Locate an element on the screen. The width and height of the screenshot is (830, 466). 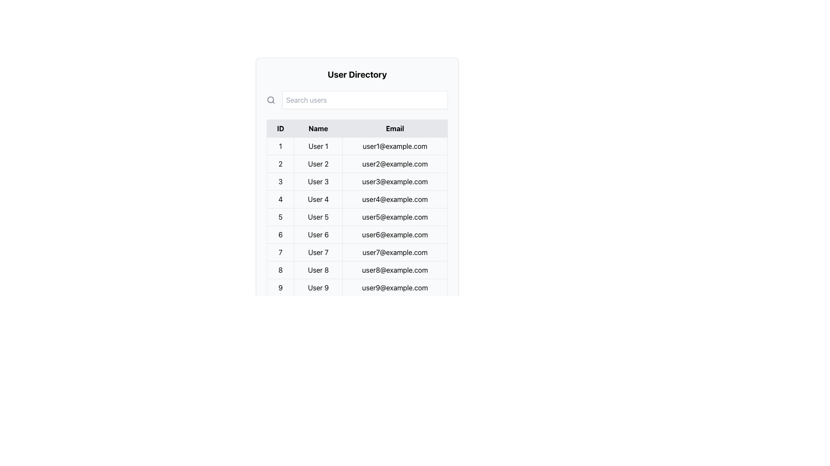
the second row of the 'User Directory' table is located at coordinates (357, 164).